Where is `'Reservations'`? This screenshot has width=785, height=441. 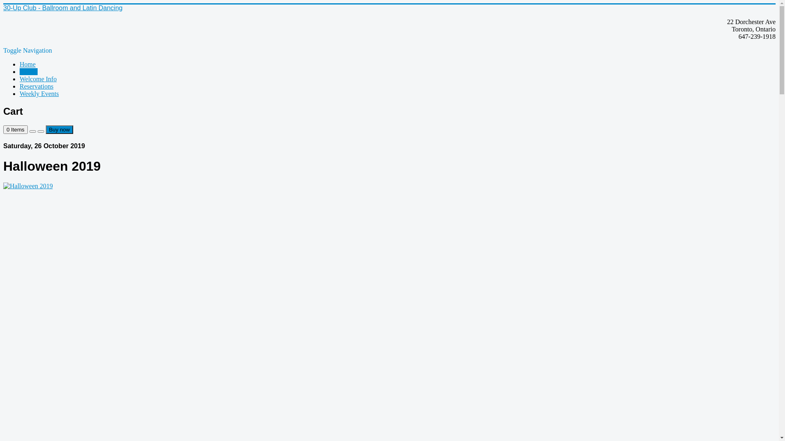 'Reservations' is located at coordinates (36, 86).